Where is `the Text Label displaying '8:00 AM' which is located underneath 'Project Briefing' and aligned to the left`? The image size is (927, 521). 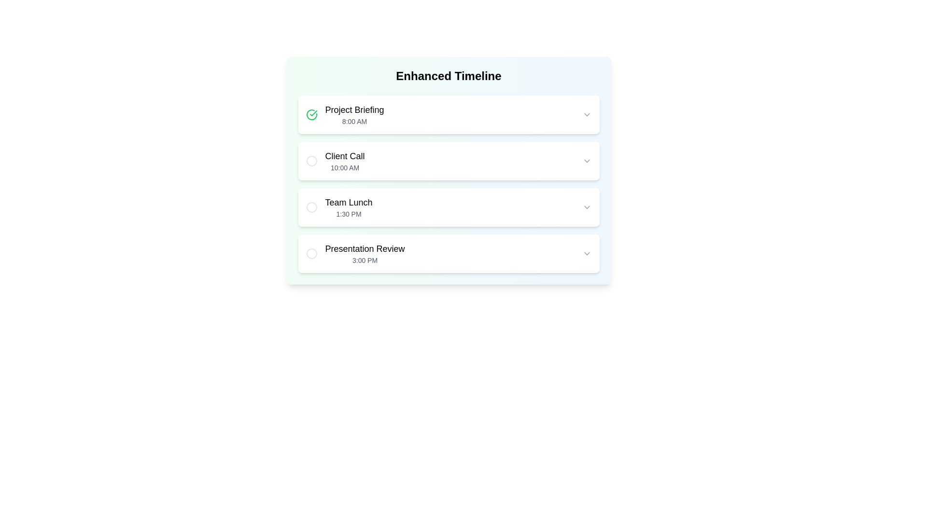 the Text Label displaying '8:00 AM' which is located underneath 'Project Briefing' and aligned to the left is located at coordinates (354, 121).